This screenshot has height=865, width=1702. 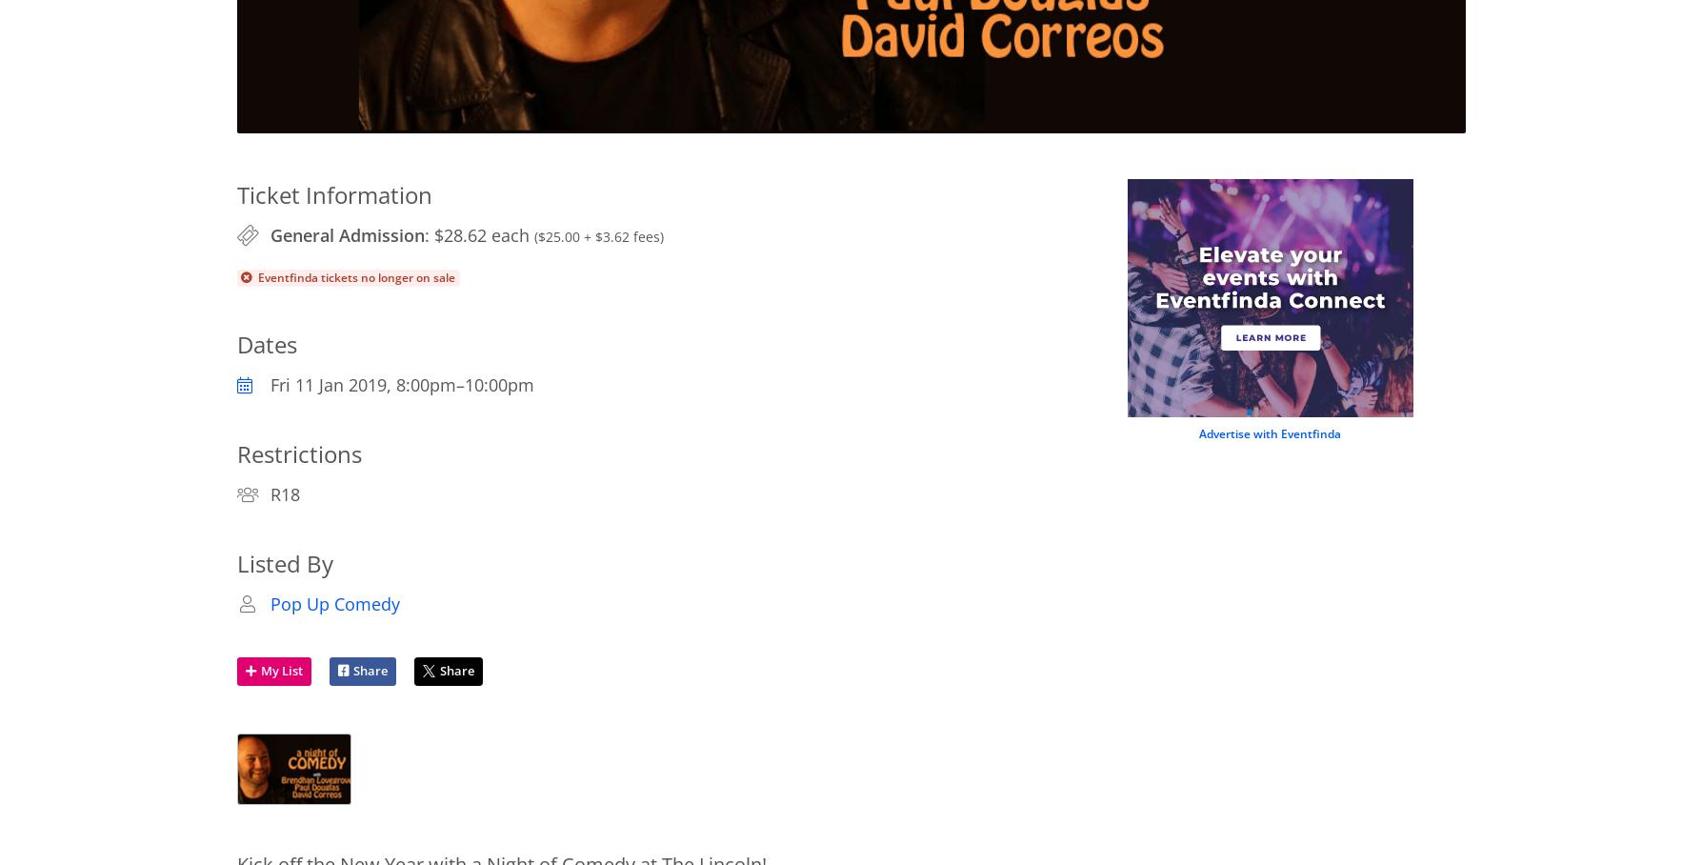 I want to click on 'Ticket Information', so click(x=332, y=194).